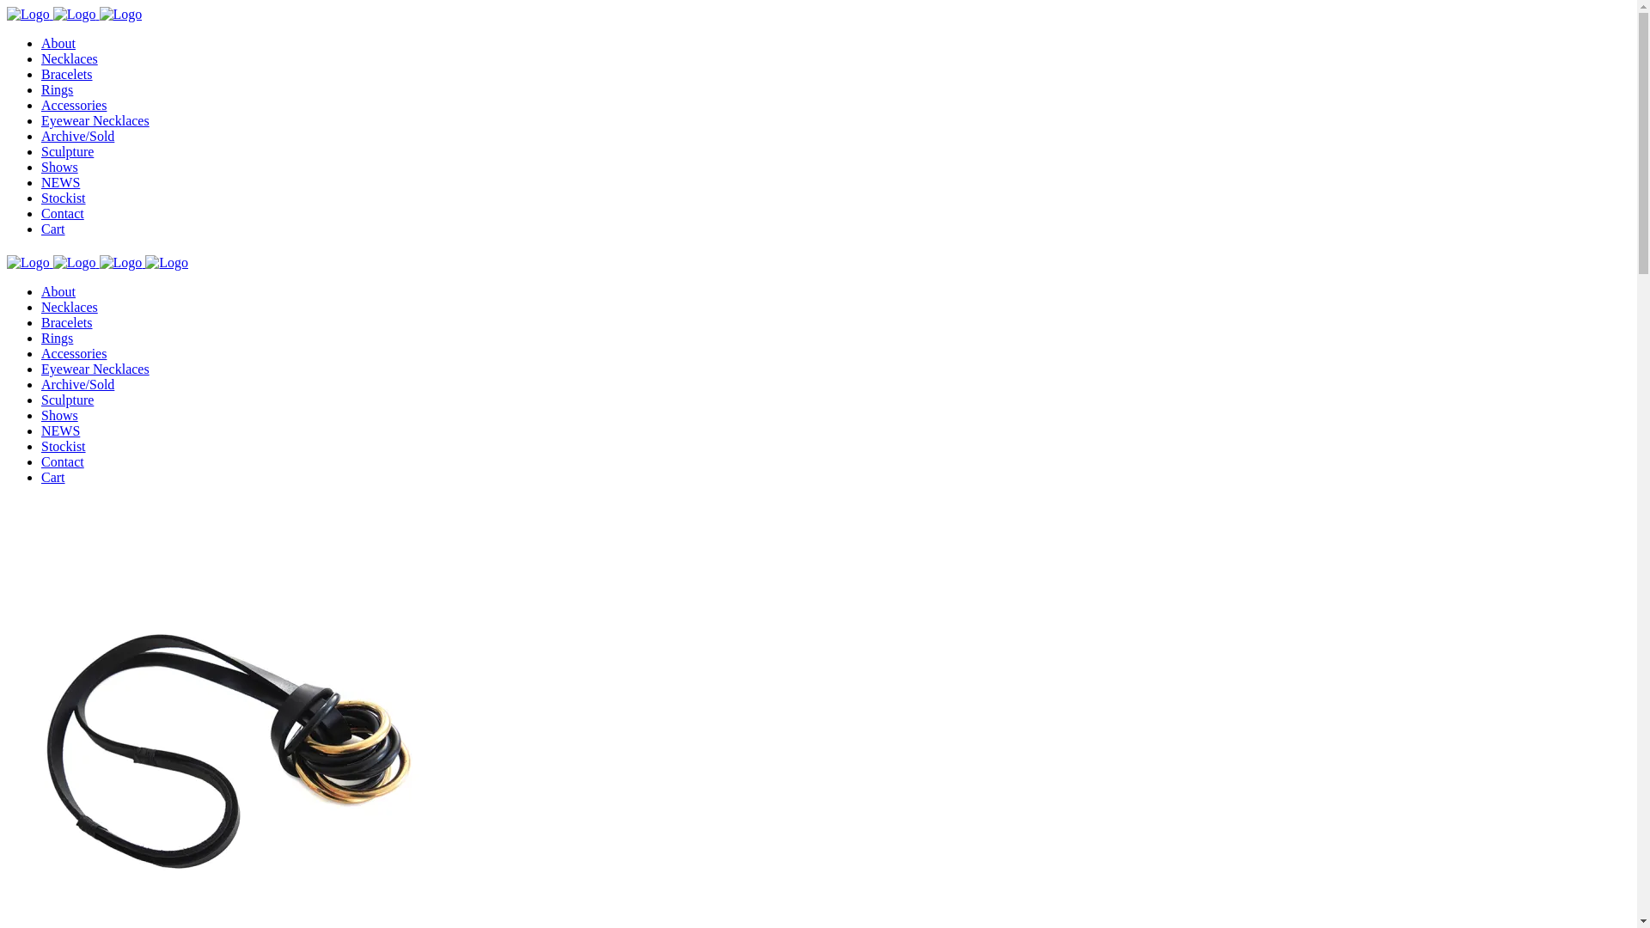  What do you see at coordinates (69, 306) in the screenshot?
I see `'Necklaces'` at bounding box center [69, 306].